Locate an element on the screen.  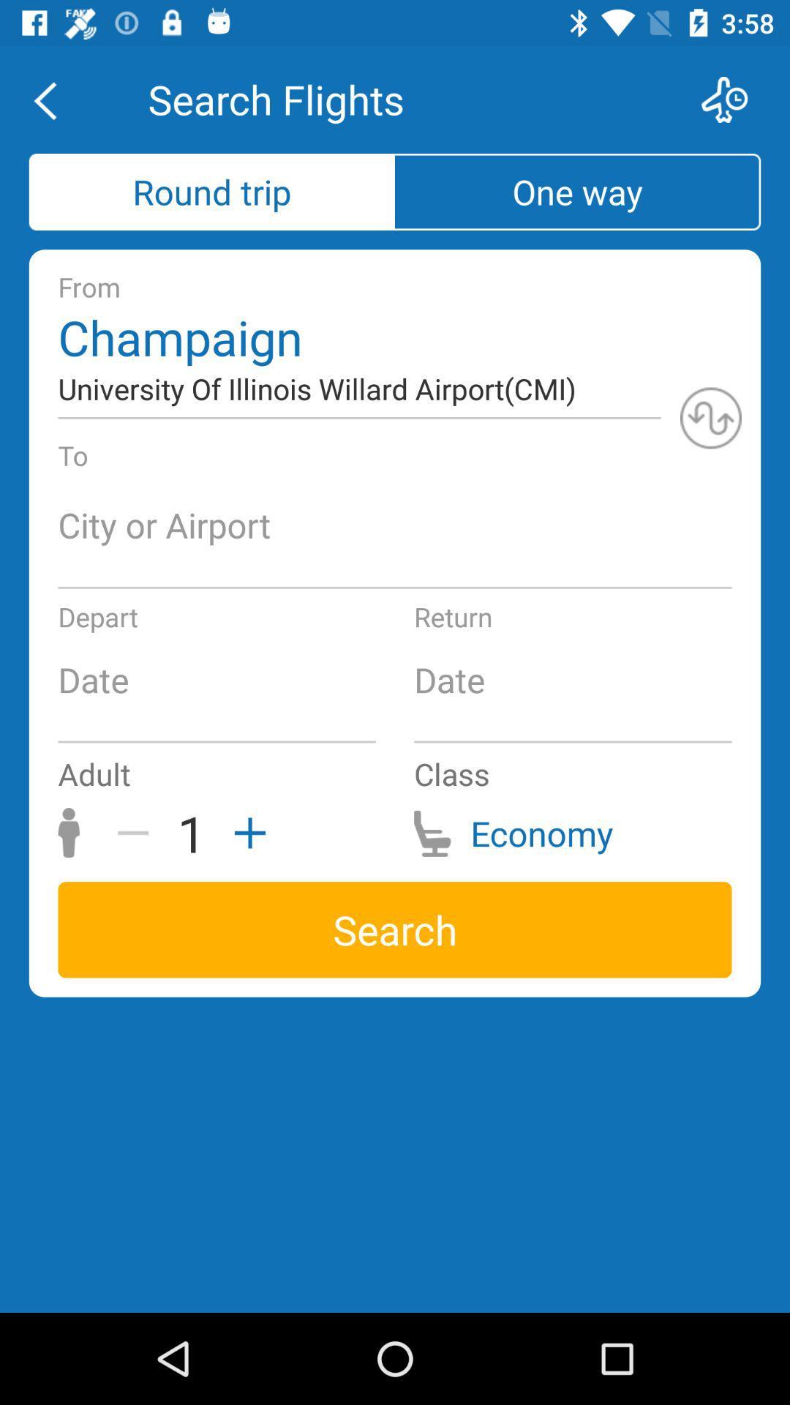
the icon above search item is located at coordinates (138, 833).